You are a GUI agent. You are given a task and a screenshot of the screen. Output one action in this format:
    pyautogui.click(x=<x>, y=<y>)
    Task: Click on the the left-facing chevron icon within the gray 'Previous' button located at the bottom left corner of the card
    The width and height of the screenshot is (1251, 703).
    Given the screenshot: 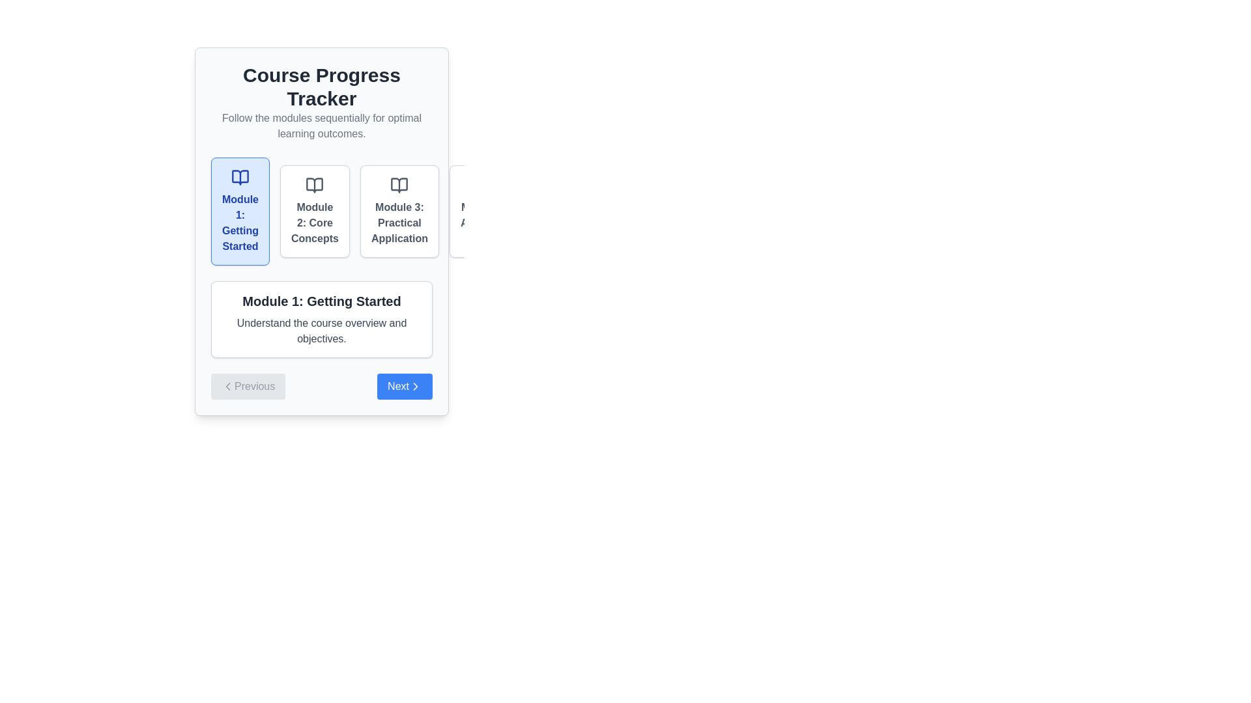 What is the action you would take?
    pyautogui.click(x=228, y=386)
    